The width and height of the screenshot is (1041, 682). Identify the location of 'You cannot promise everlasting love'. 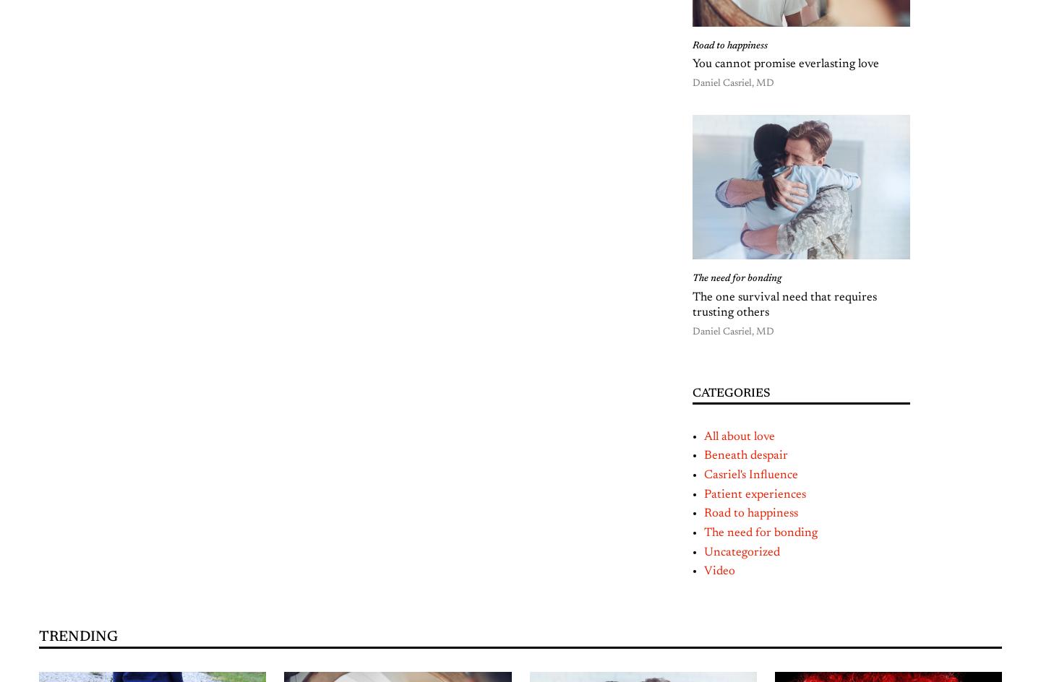
(693, 62).